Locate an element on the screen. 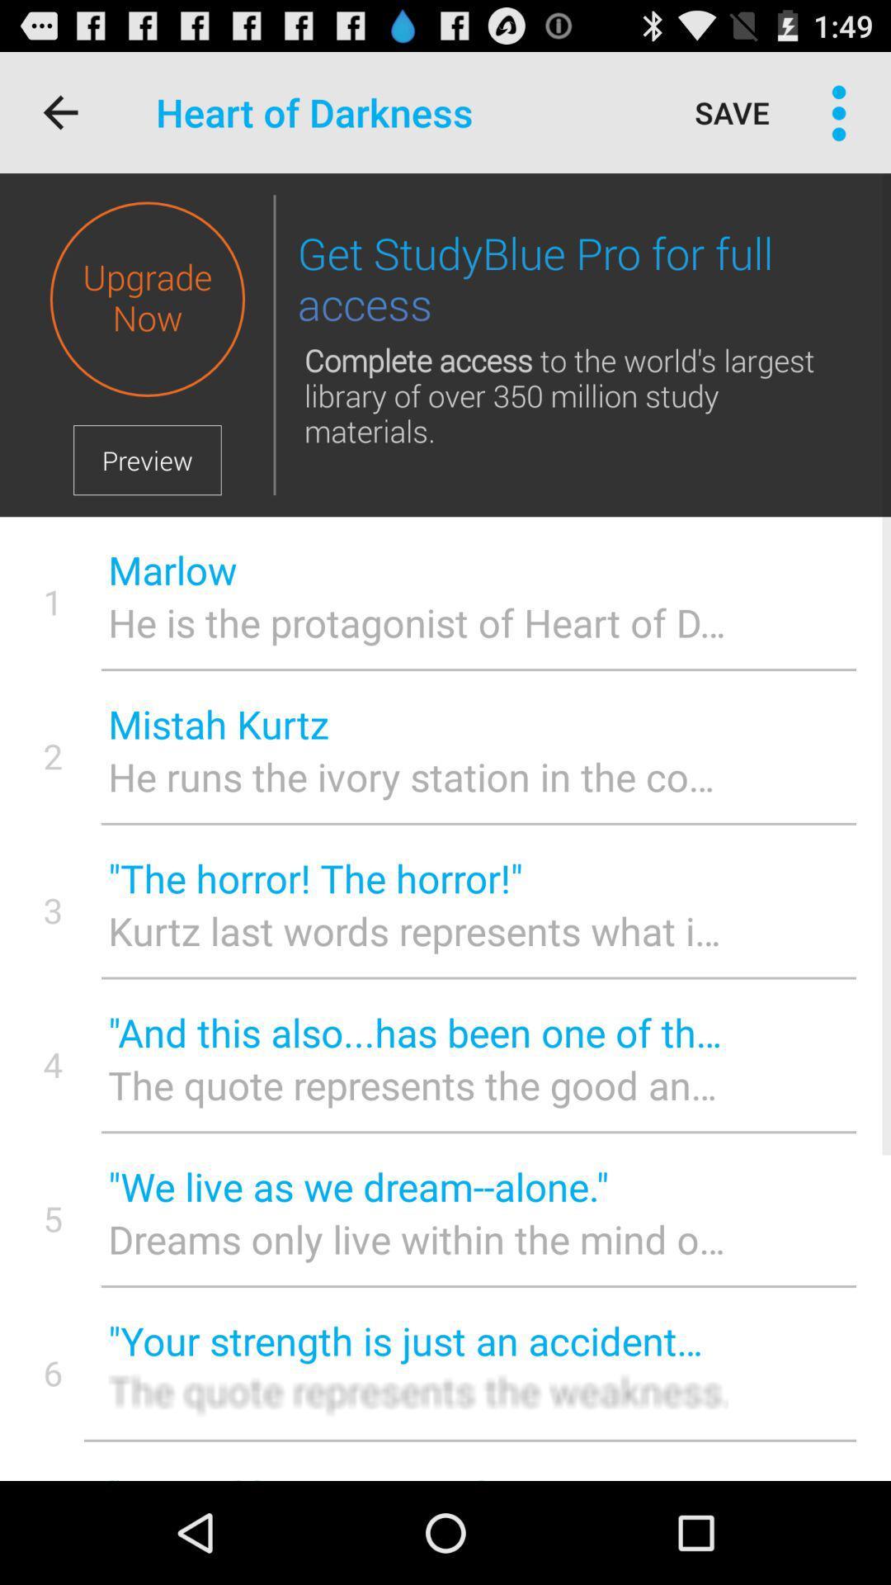  item next to 6 item is located at coordinates (417, 1341).